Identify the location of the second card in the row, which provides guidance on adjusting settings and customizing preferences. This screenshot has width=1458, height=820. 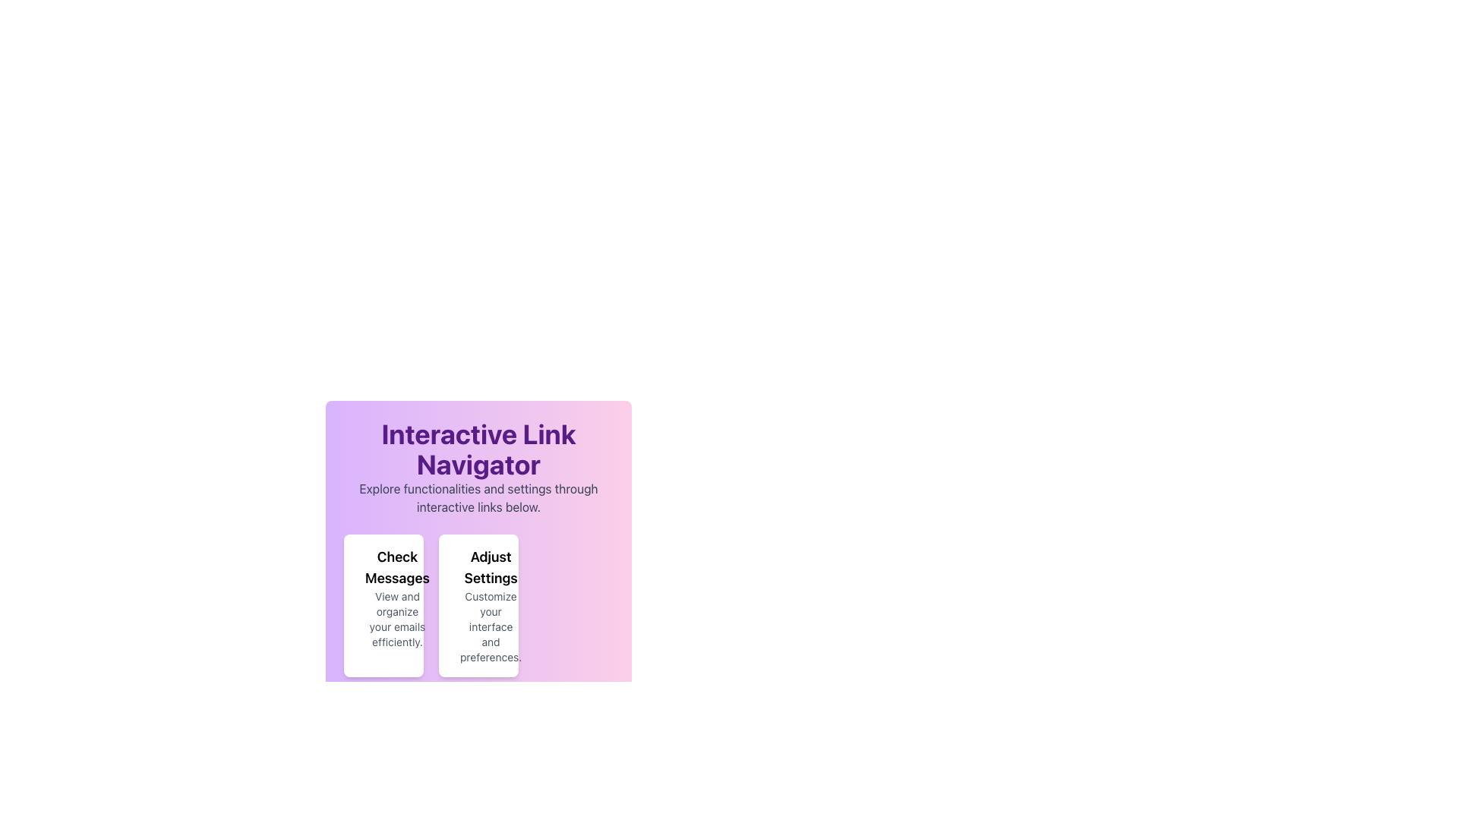
(478, 547).